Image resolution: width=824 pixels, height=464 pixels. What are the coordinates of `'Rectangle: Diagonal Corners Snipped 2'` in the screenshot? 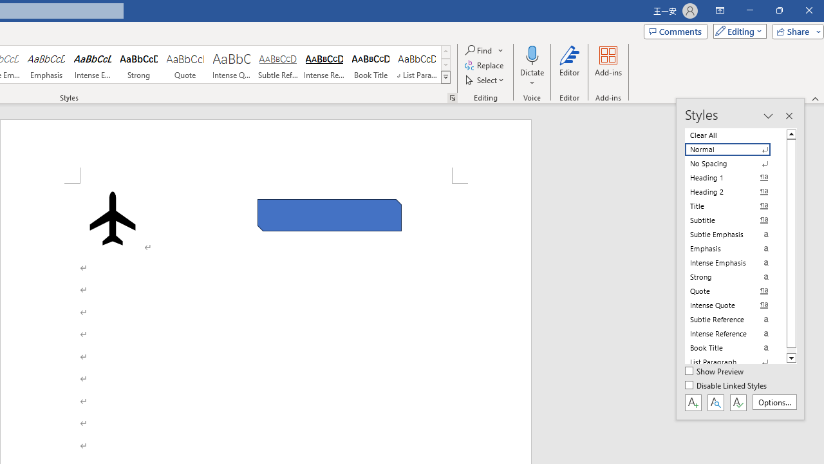 It's located at (330, 215).